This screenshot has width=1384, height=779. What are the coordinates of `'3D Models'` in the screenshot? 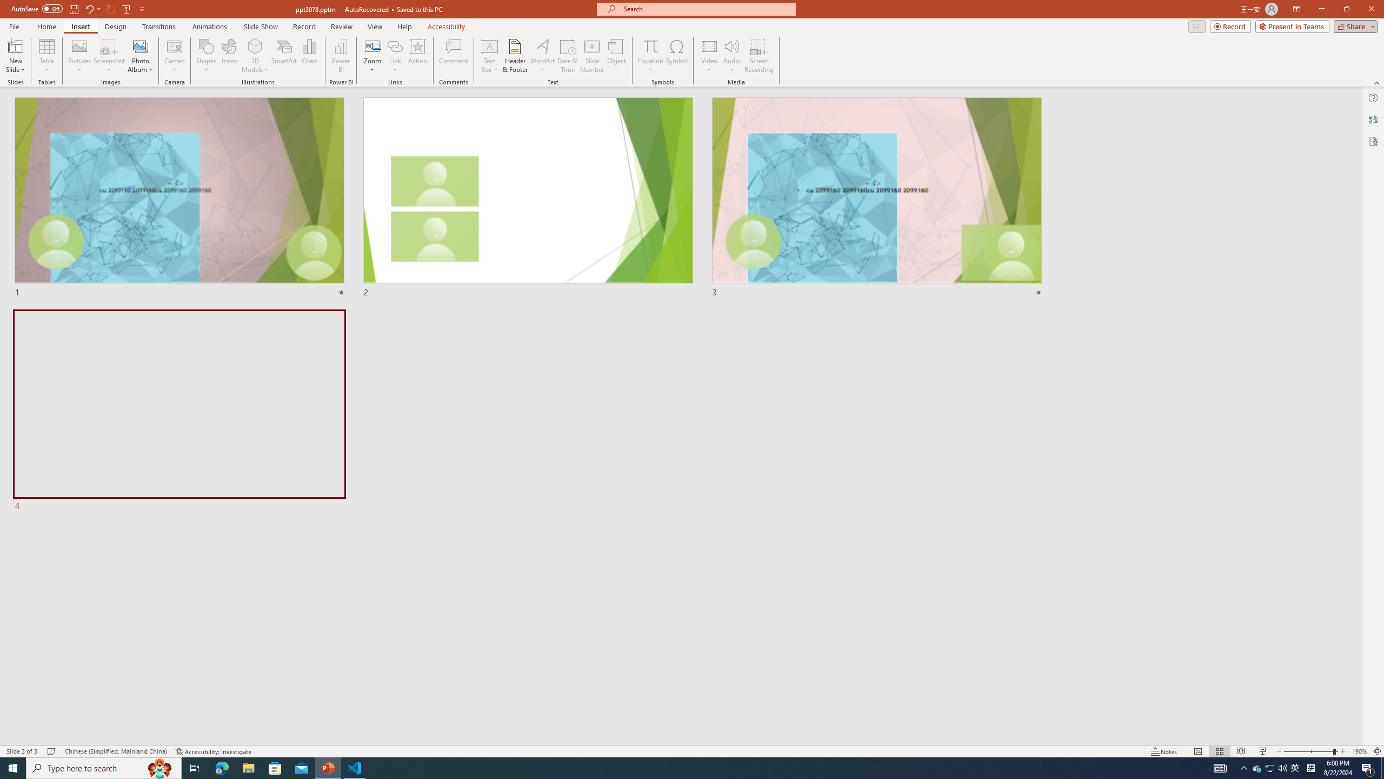 It's located at (255, 45).